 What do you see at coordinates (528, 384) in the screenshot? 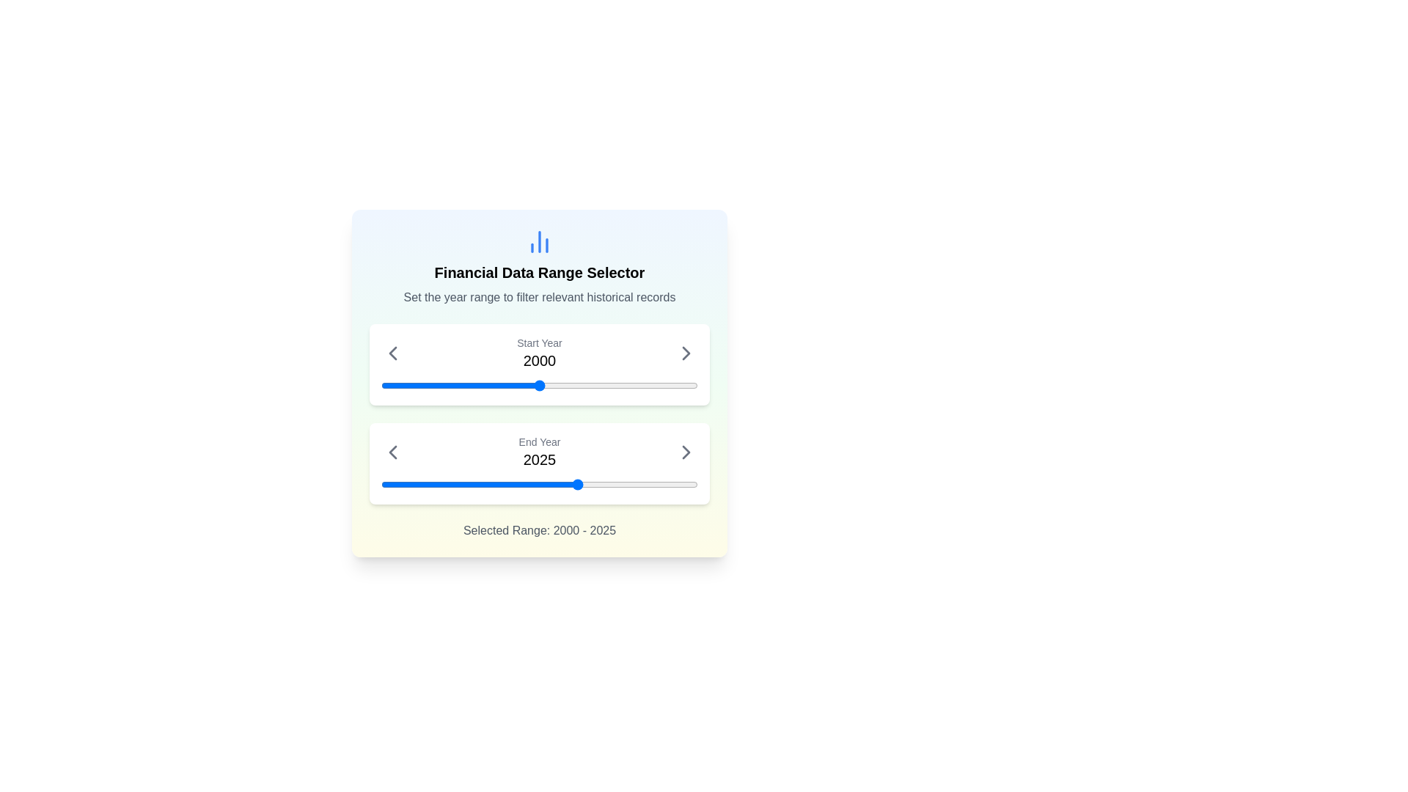
I see `the start year of the range` at bounding box center [528, 384].